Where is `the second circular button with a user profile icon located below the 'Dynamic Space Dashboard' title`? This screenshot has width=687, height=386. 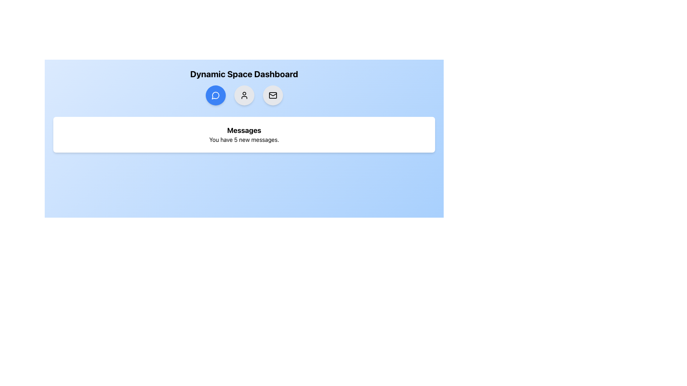
the second circular button with a user profile icon located below the 'Dynamic Space Dashboard' title is located at coordinates (244, 95).